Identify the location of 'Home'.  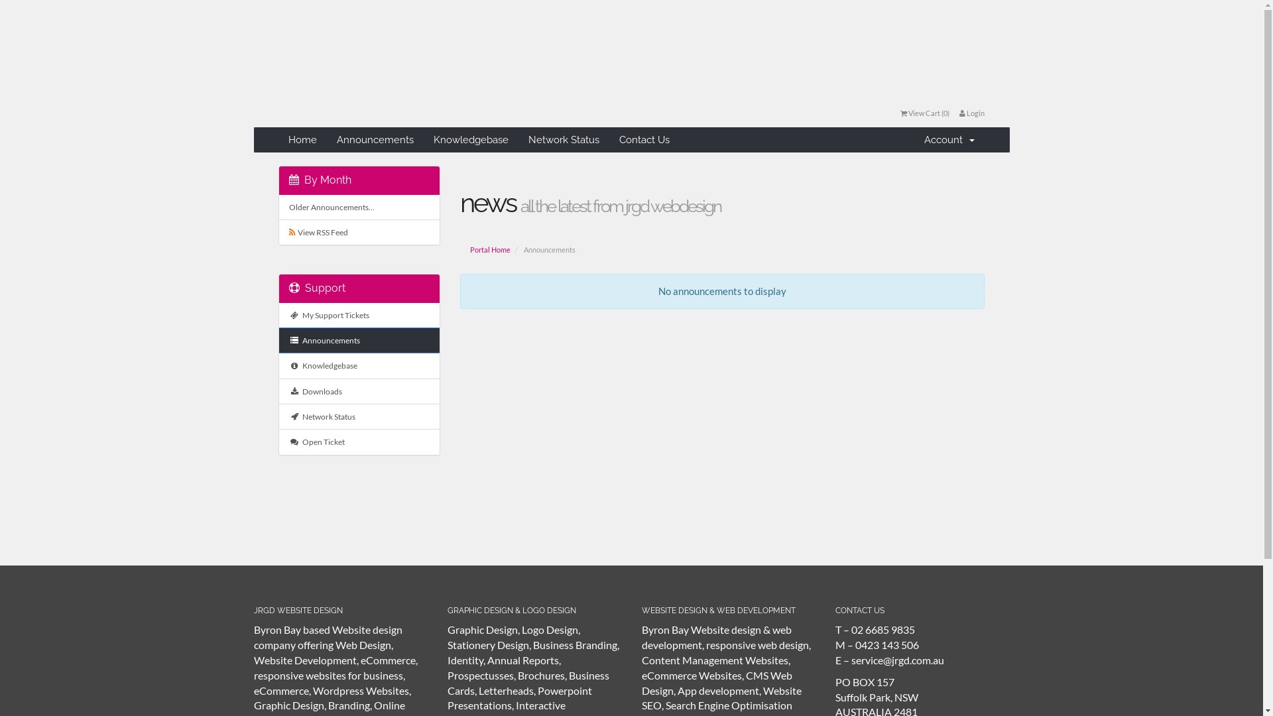
(302, 140).